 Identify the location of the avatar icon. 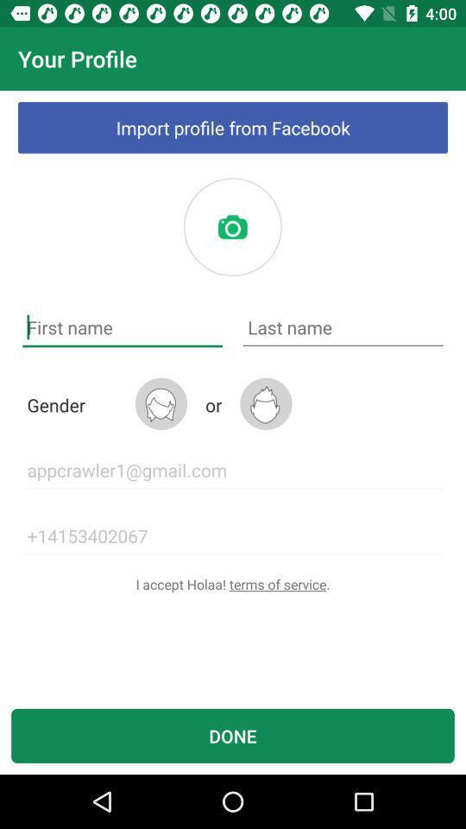
(161, 403).